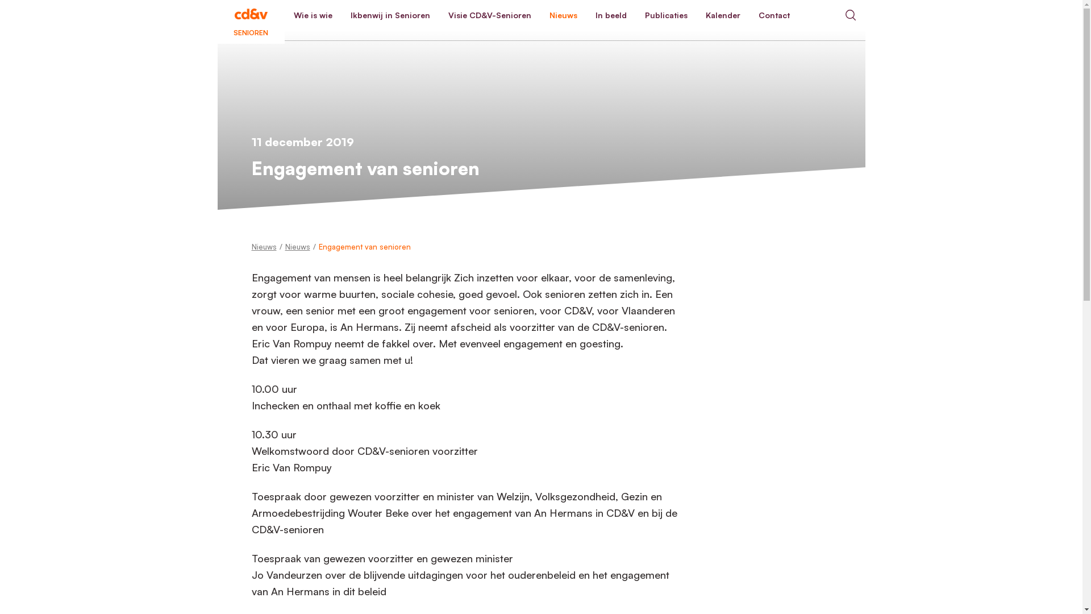 This screenshot has width=1091, height=614. Describe the element at coordinates (610, 15) in the screenshot. I see `'In beeld'` at that location.